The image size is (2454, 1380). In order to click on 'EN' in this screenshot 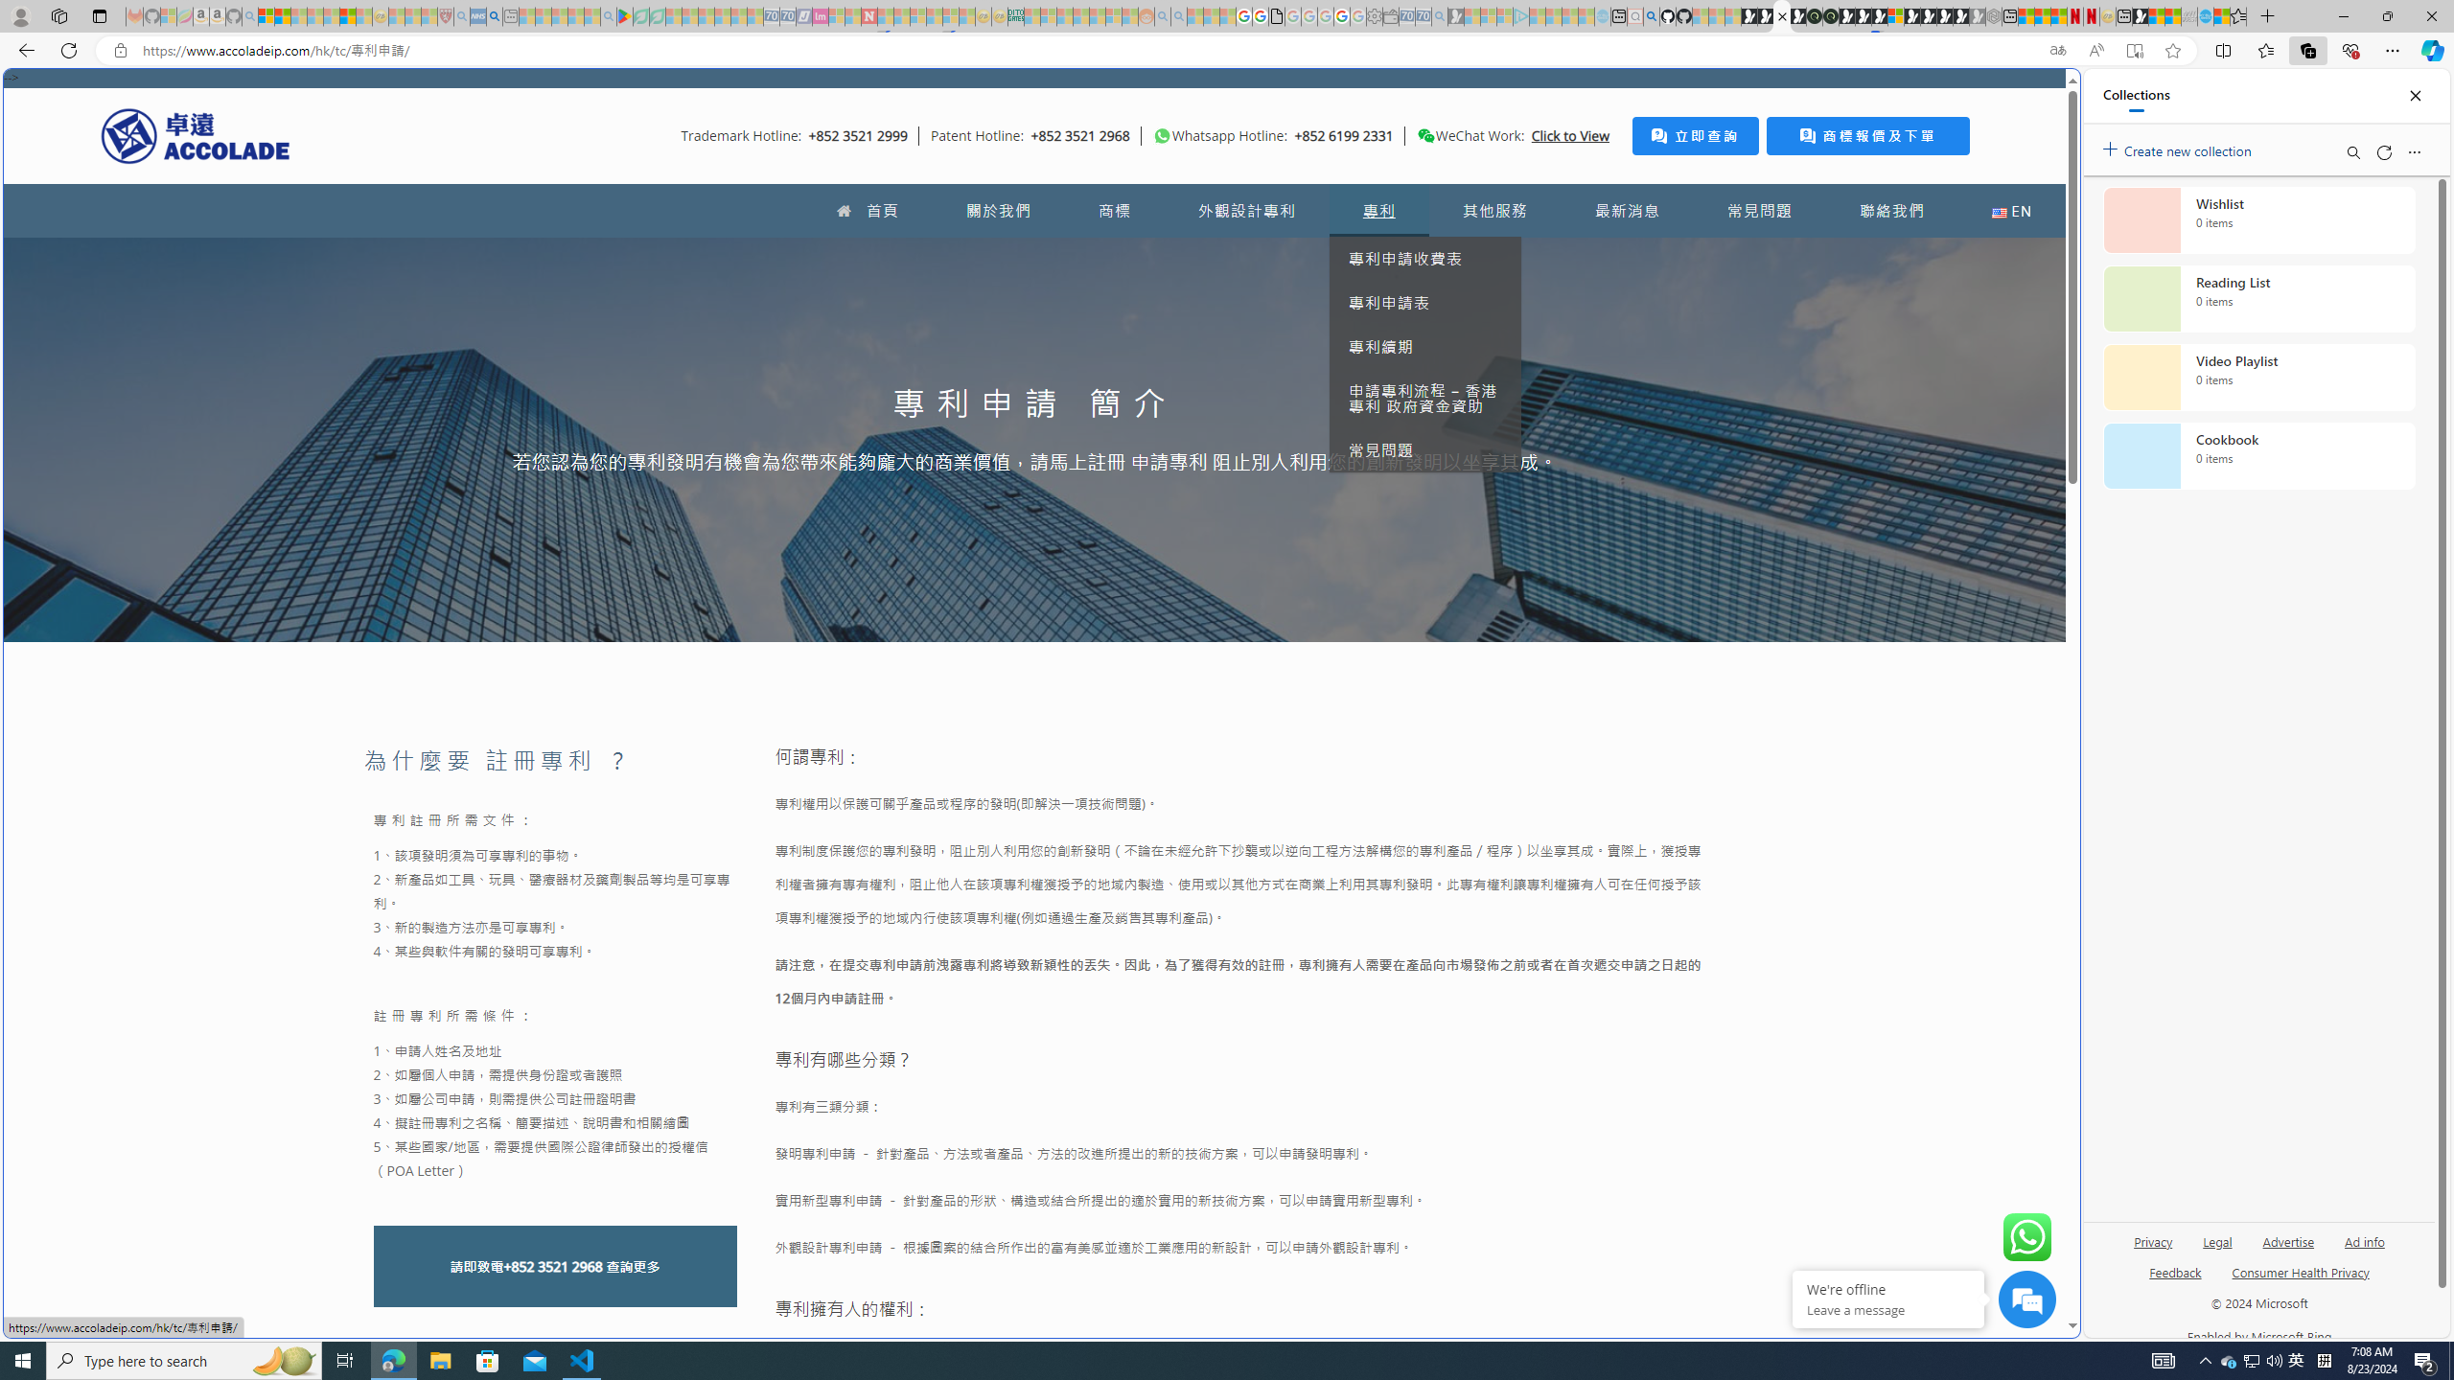, I will do `click(2012, 210)`.